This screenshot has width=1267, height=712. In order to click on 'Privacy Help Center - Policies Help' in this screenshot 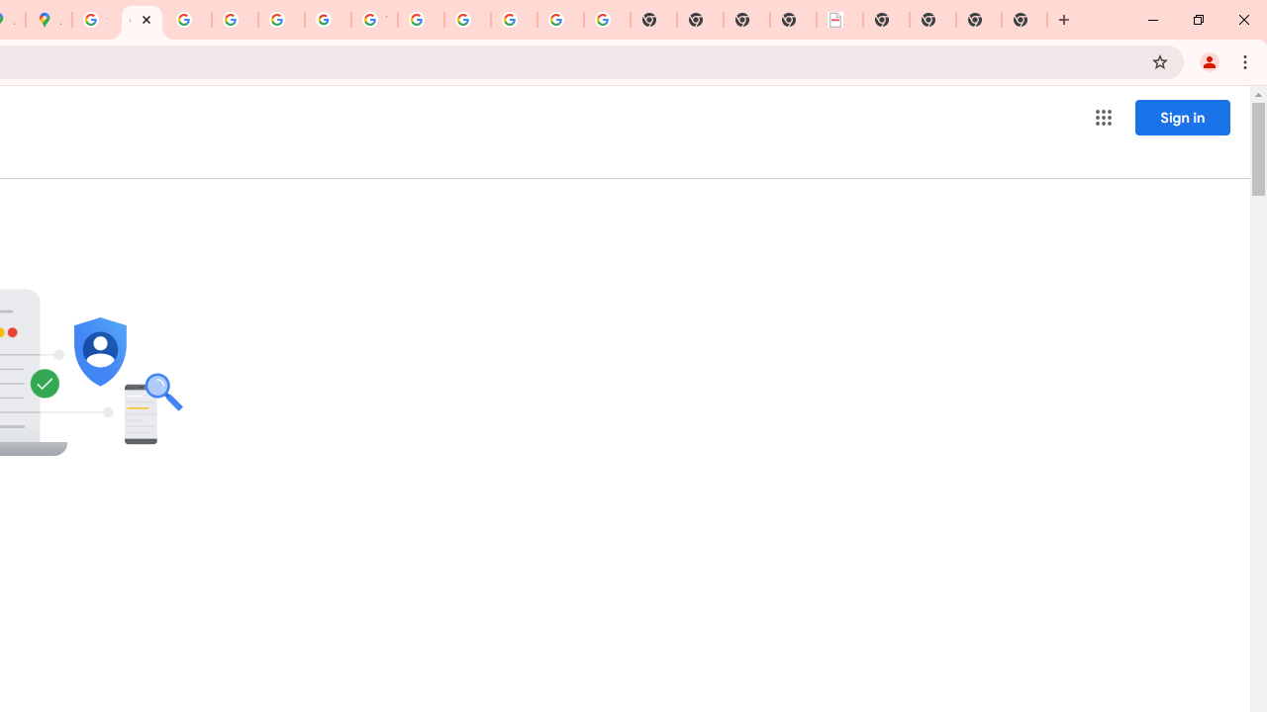, I will do `click(235, 20)`.